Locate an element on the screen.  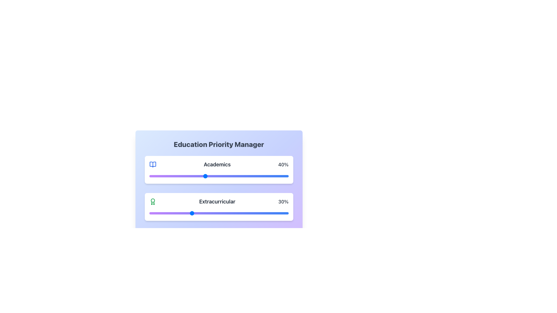
the inner circle of the SVG graphic representing an award or badge, located in the lower section of the card layout titled 'Extracurricular' is located at coordinates (153, 200).